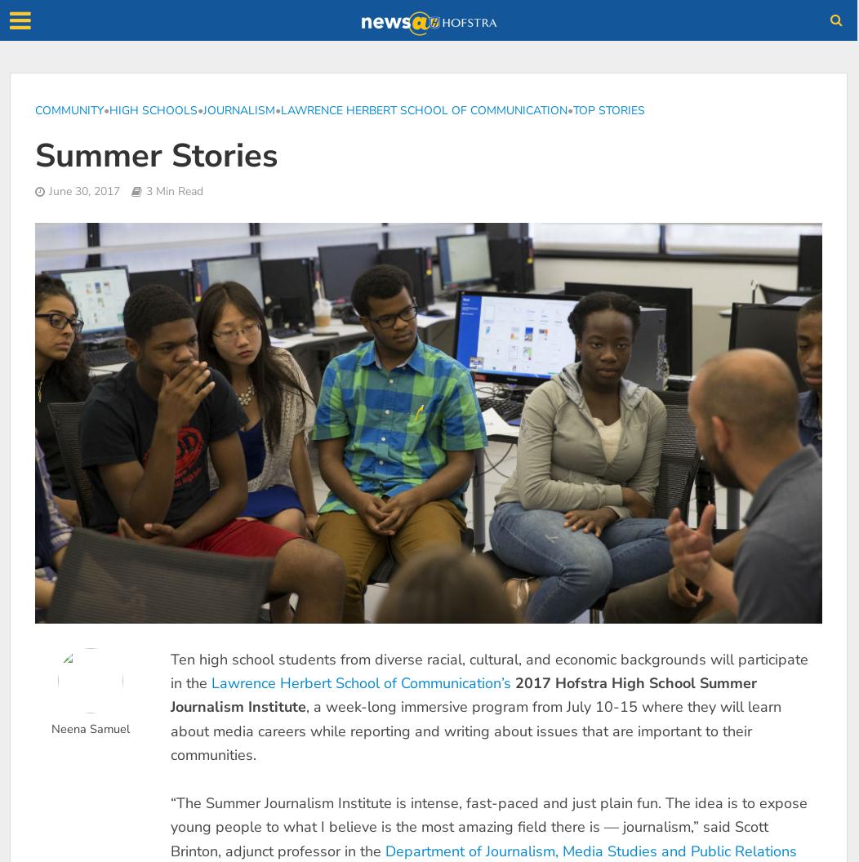 The width and height of the screenshot is (859, 862). I want to click on 'Top Stories', so click(608, 110).